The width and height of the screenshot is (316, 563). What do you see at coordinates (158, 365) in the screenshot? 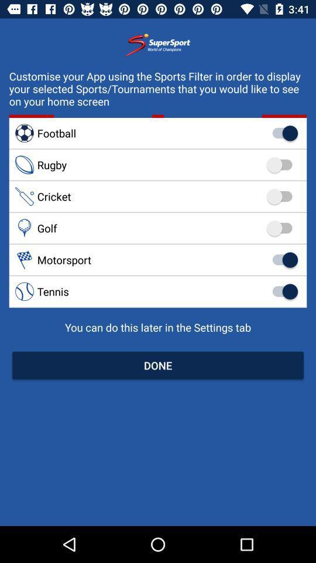
I see `done` at bounding box center [158, 365].